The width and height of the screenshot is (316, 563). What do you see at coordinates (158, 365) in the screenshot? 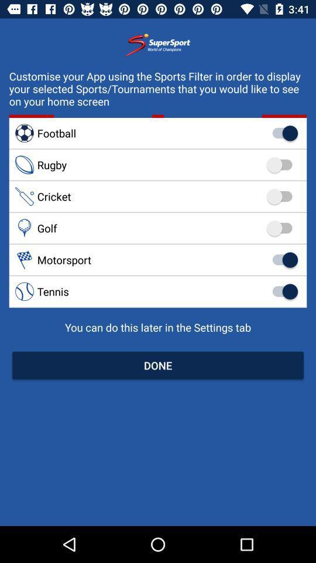
I see `done` at bounding box center [158, 365].